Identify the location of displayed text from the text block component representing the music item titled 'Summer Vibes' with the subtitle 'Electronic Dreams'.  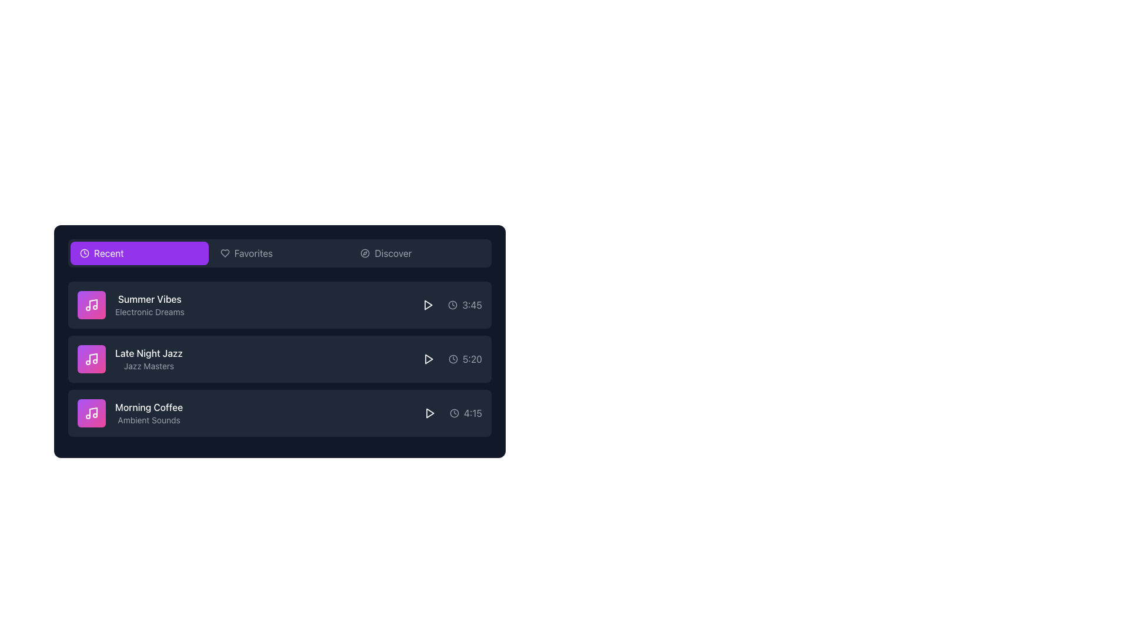
(131, 305).